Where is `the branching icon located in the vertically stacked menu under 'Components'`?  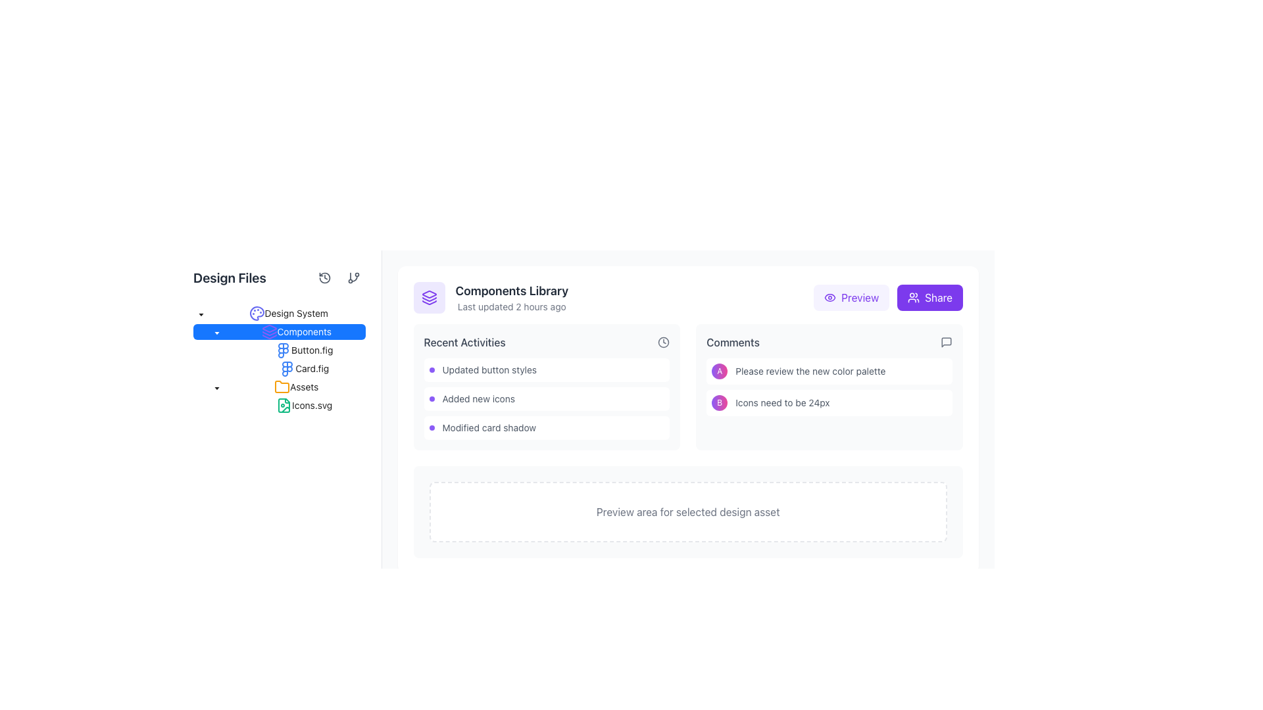 the branching icon located in the vertically stacked menu under 'Components' is located at coordinates (353, 277).